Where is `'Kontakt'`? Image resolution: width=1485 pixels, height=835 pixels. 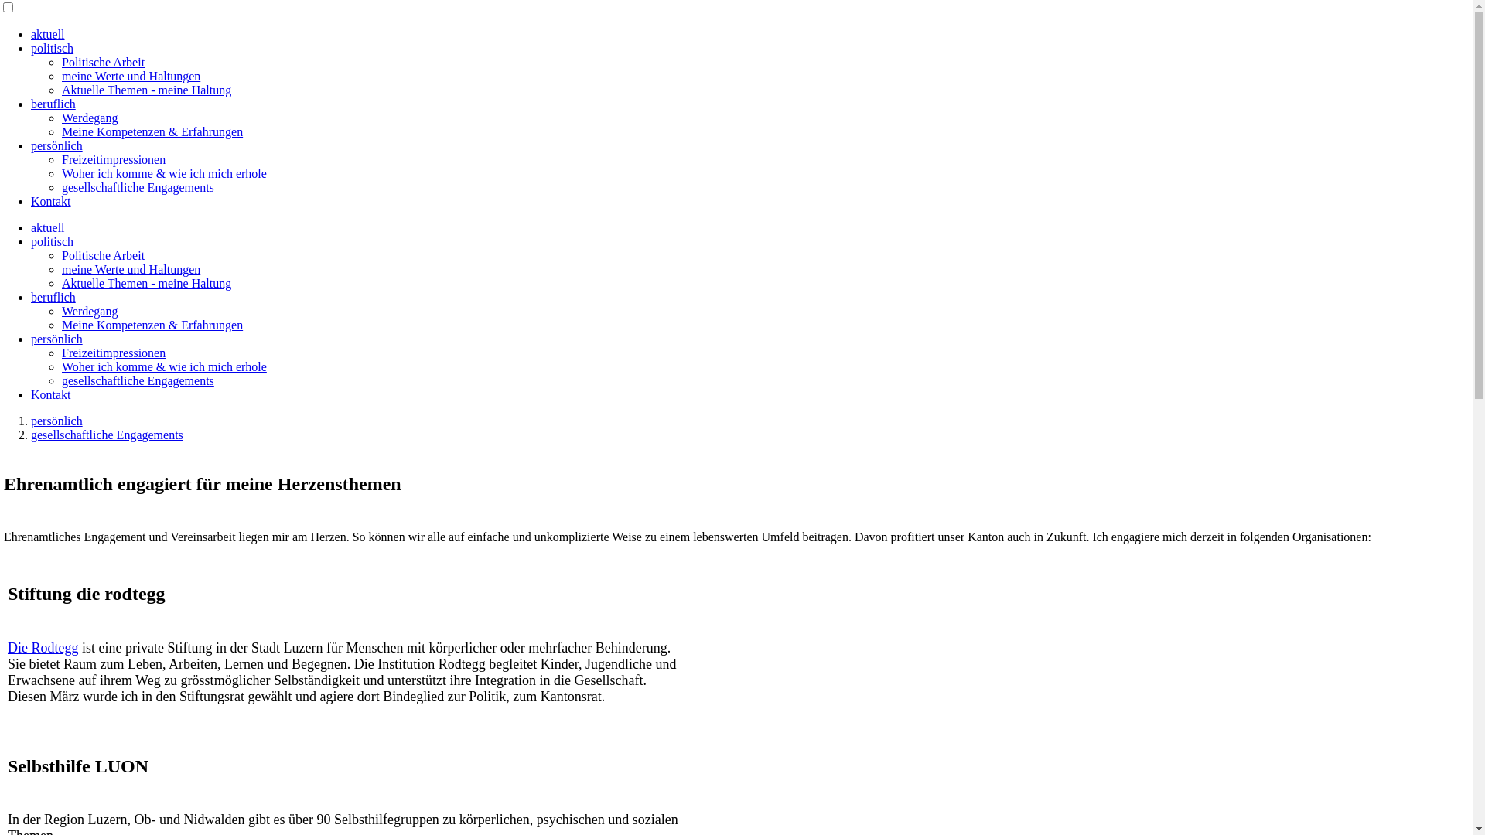
'Kontakt' is located at coordinates (51, 394).